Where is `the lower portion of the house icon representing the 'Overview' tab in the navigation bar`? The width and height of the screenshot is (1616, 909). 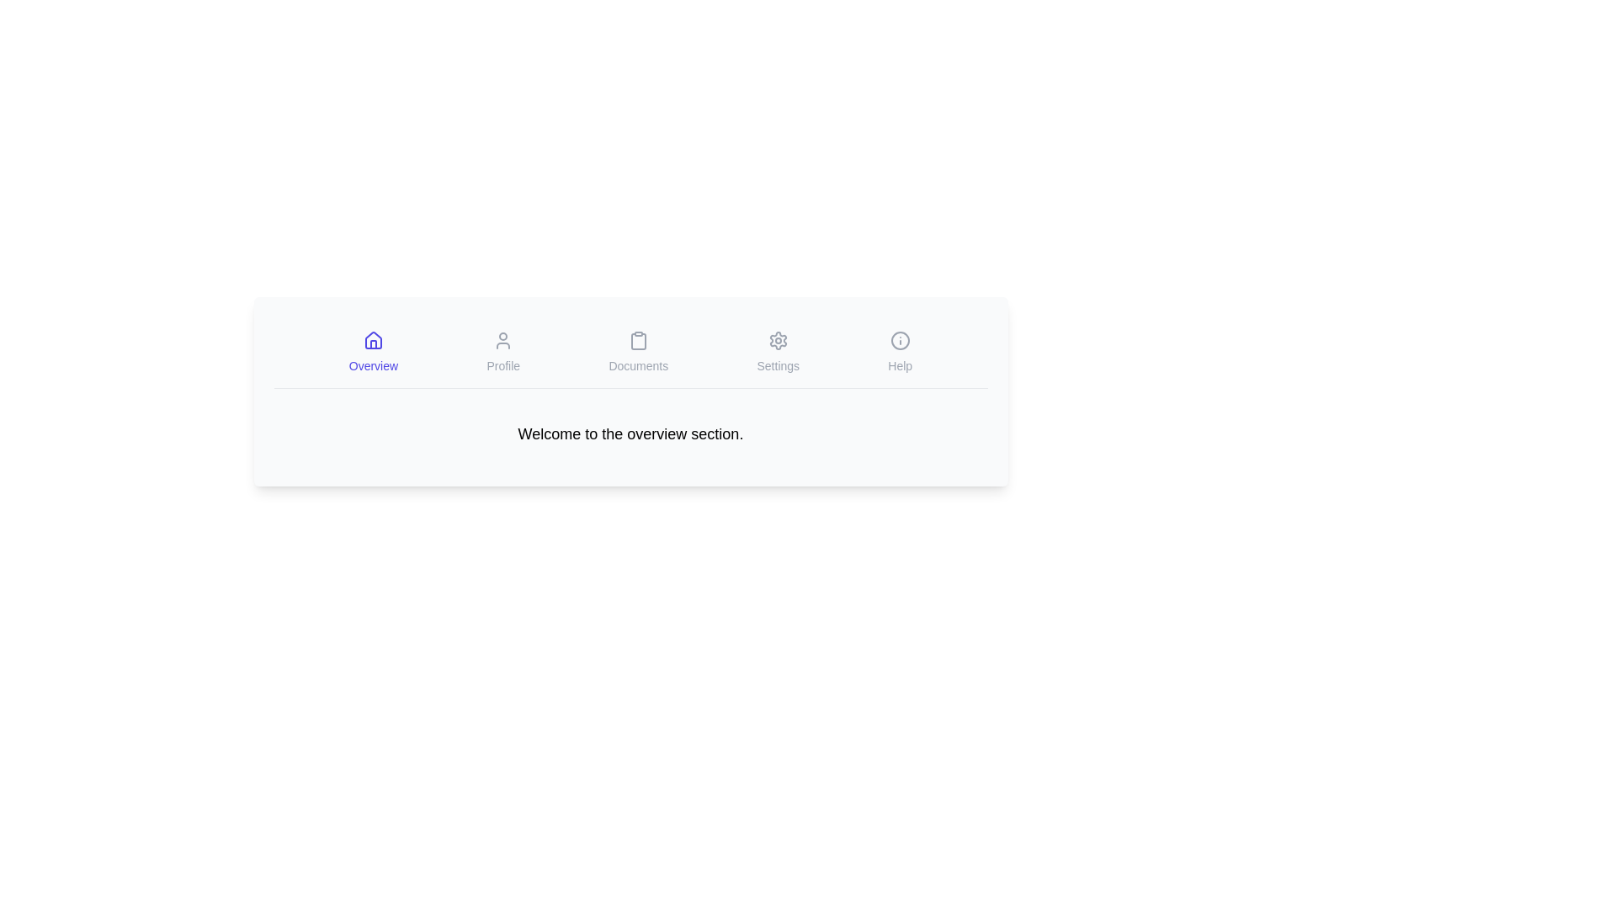 the lower portion of the house icon representing the 'Overview' tab in the navigation bar is located at coordinates (372, 343).